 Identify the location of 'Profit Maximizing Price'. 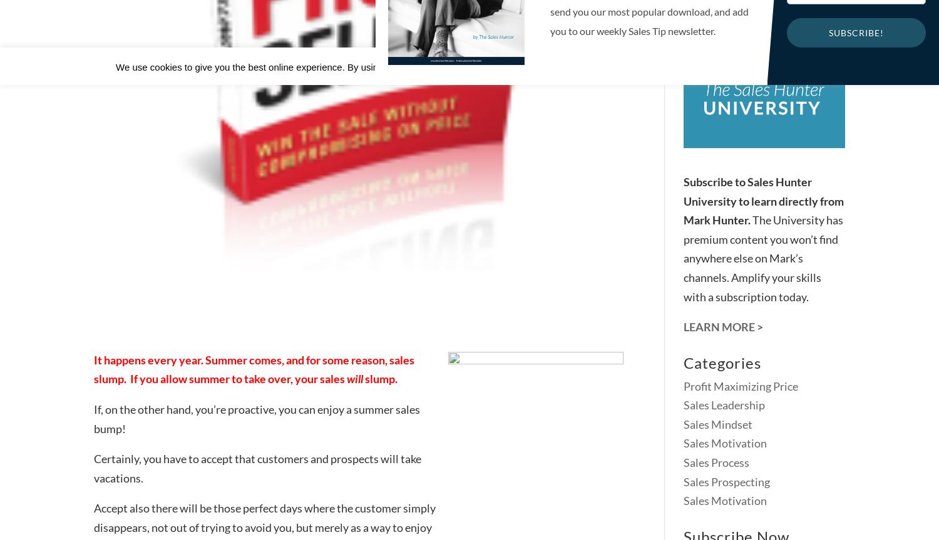
(741, 384).